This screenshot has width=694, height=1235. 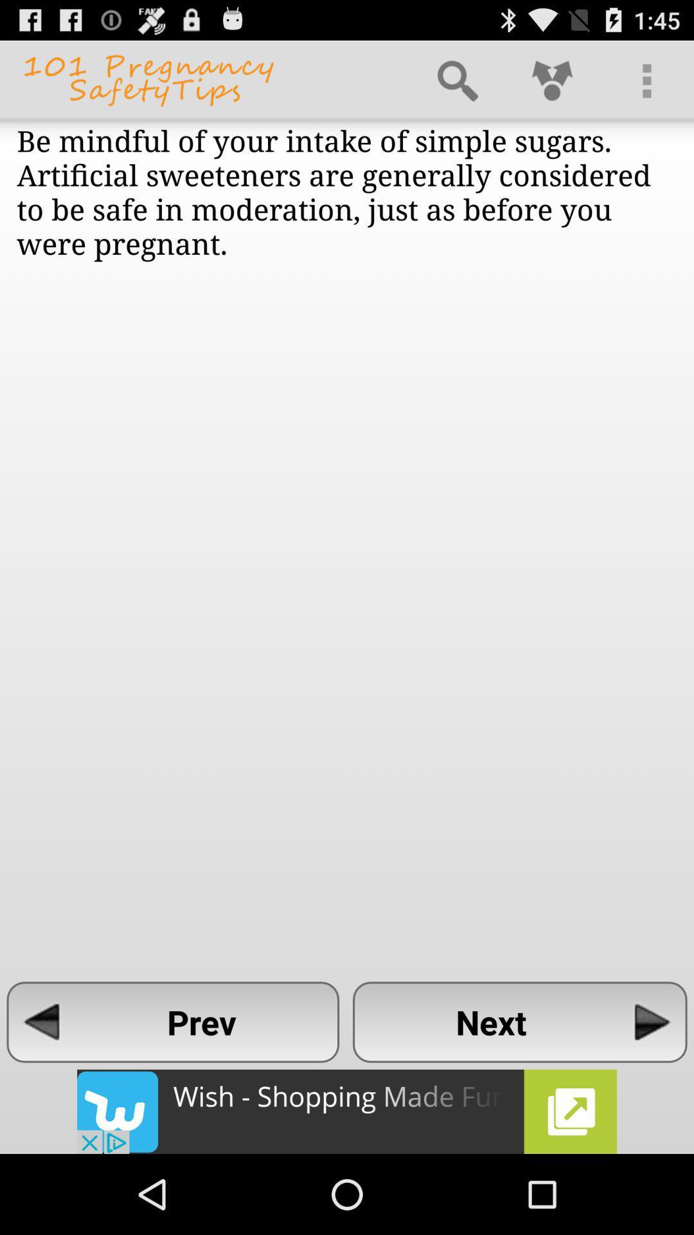 What do you see at coordinates (347, 1111) in the screenshot?
I see `the advertisement about an app` at bounding box center [347, 1111].